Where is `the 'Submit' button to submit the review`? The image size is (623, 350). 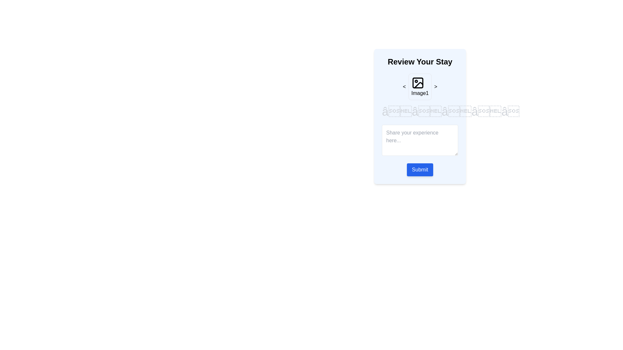
the 'Submit' button to submit the review is located at coordinates (420, 169).